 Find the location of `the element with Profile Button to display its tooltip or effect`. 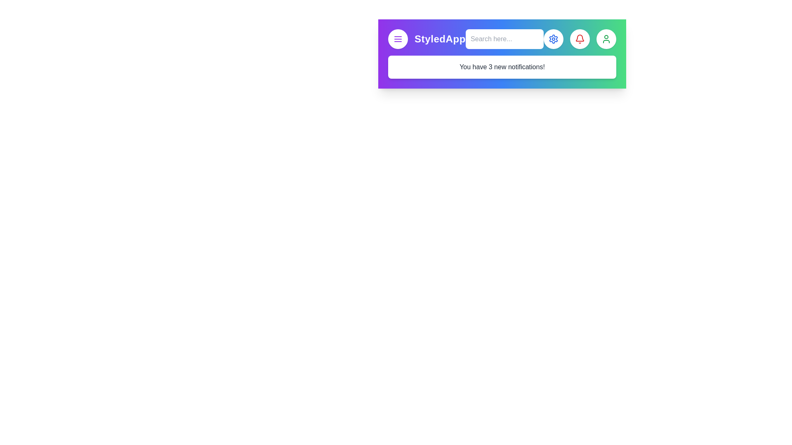

the element with Profile Button to display its tooltip or effect is located at coordinates (606, 39).